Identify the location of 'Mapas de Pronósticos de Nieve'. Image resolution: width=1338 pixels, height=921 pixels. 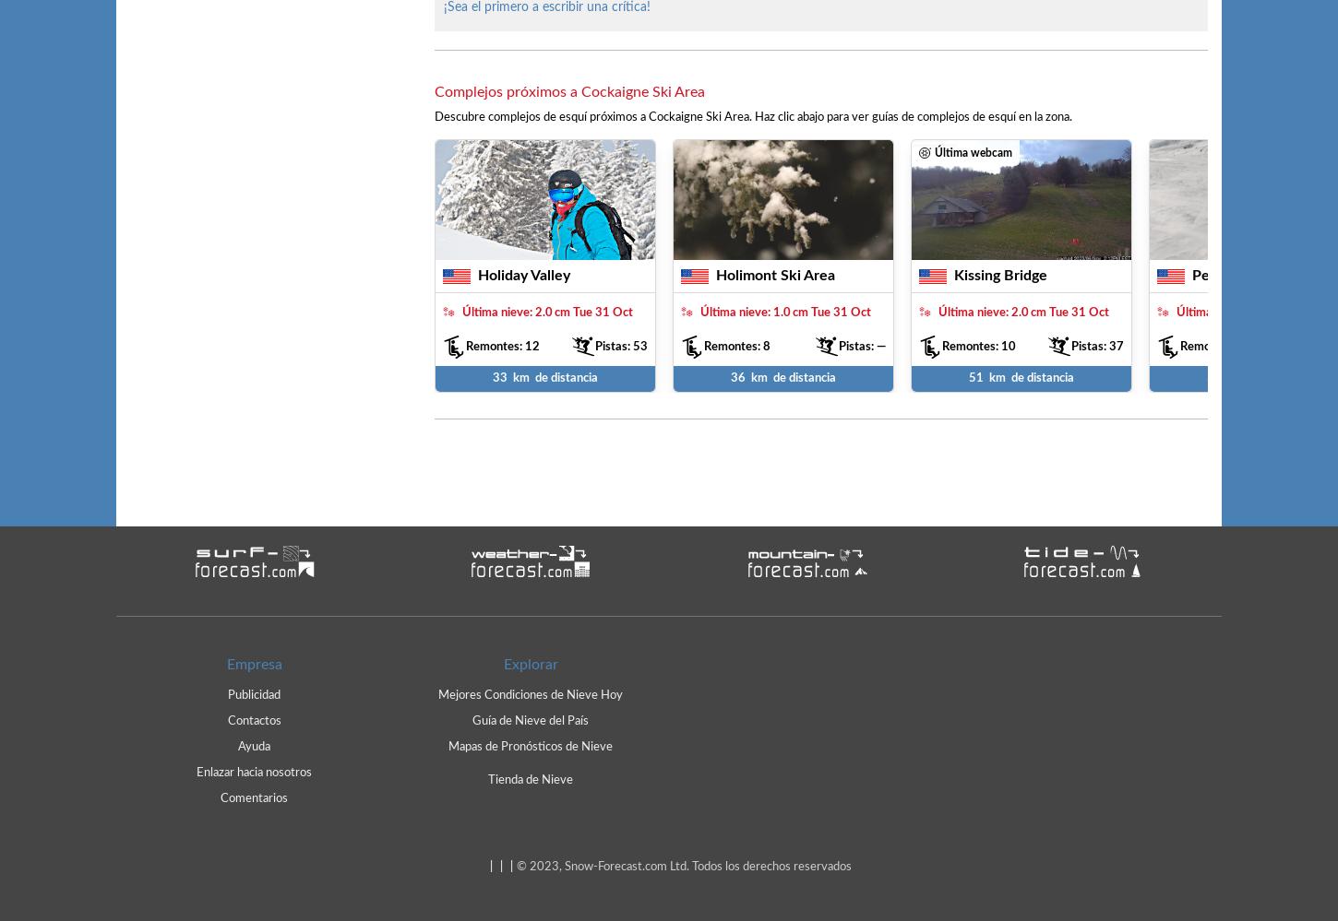
(531, 746).